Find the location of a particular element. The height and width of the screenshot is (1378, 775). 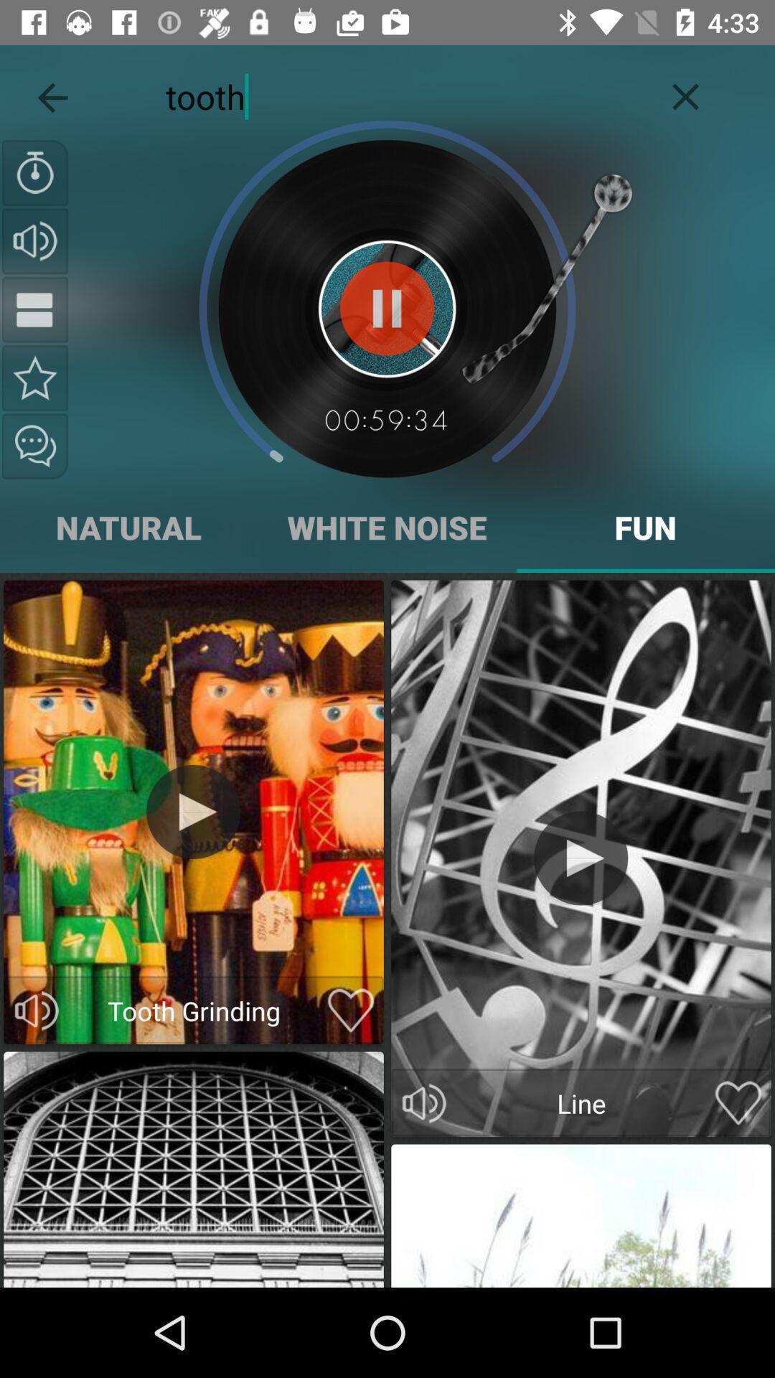

item next to the tooth icon is located at coordinates (52, 93).